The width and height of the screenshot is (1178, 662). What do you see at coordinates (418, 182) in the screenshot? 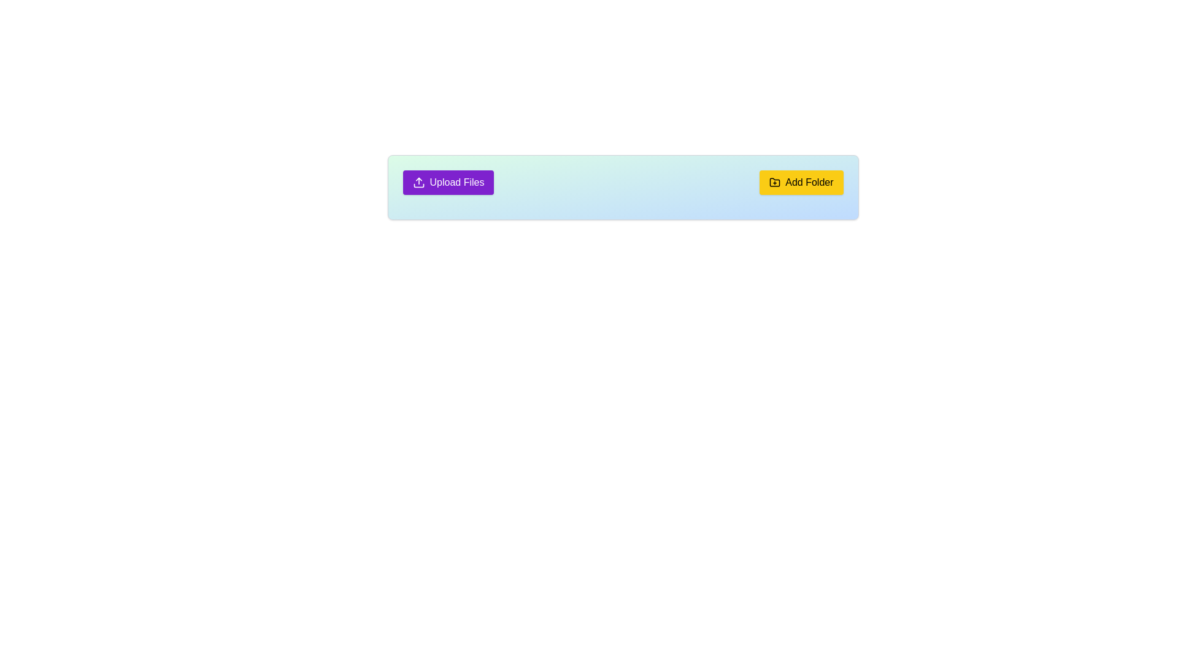
I see `the visual appearance of the SVG icon located inside the purple 'Upload Files' button, positioned on the left side adjacent to the text` at bounding box center [418, 182].